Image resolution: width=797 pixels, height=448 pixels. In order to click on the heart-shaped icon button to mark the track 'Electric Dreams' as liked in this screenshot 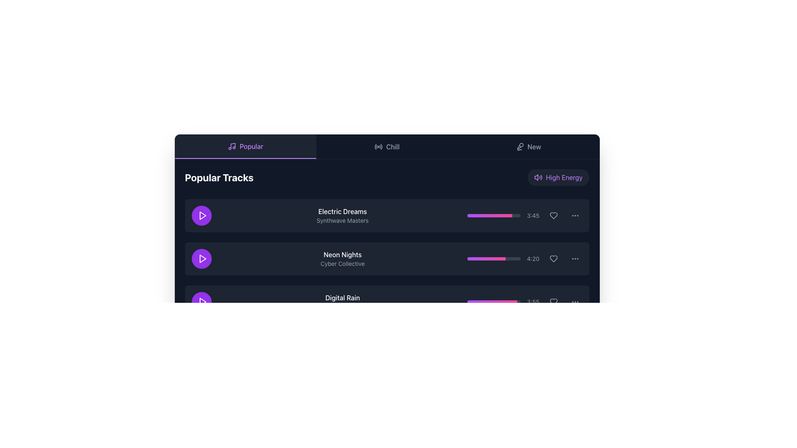, I will do `click(553, 215)`.